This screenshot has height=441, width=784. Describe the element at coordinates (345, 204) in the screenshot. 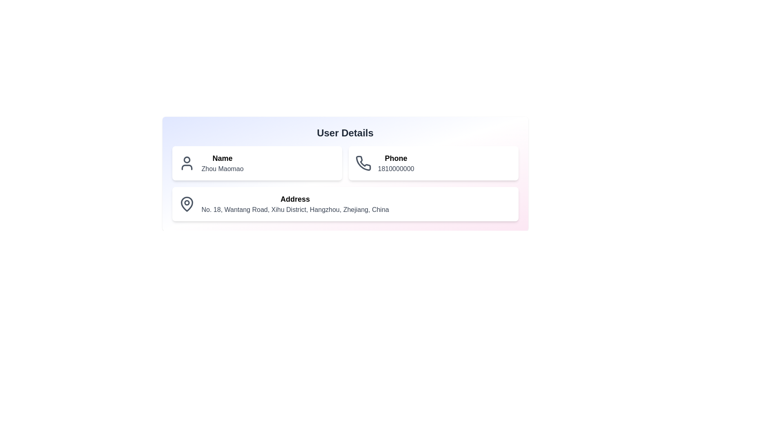

I see `the user information card displaying address data, which contains the address 'No. 18, Wantang Road, Xihu District, Hangzhou, Zhejiang, China'` at that location.